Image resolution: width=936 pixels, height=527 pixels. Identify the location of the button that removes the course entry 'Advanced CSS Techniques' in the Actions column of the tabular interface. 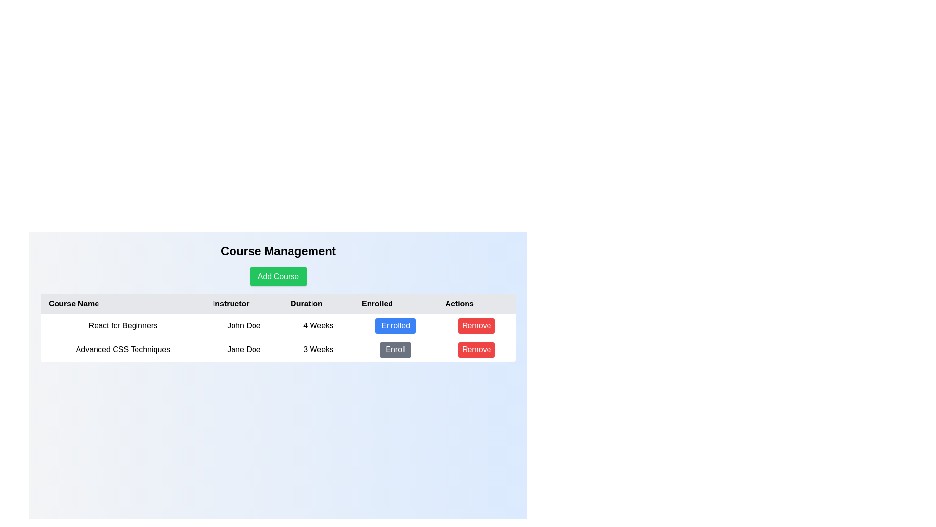
(476, 349).